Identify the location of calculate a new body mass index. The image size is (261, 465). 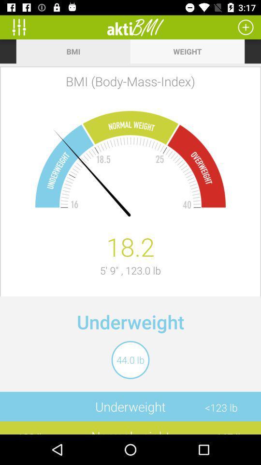
(246, 27).